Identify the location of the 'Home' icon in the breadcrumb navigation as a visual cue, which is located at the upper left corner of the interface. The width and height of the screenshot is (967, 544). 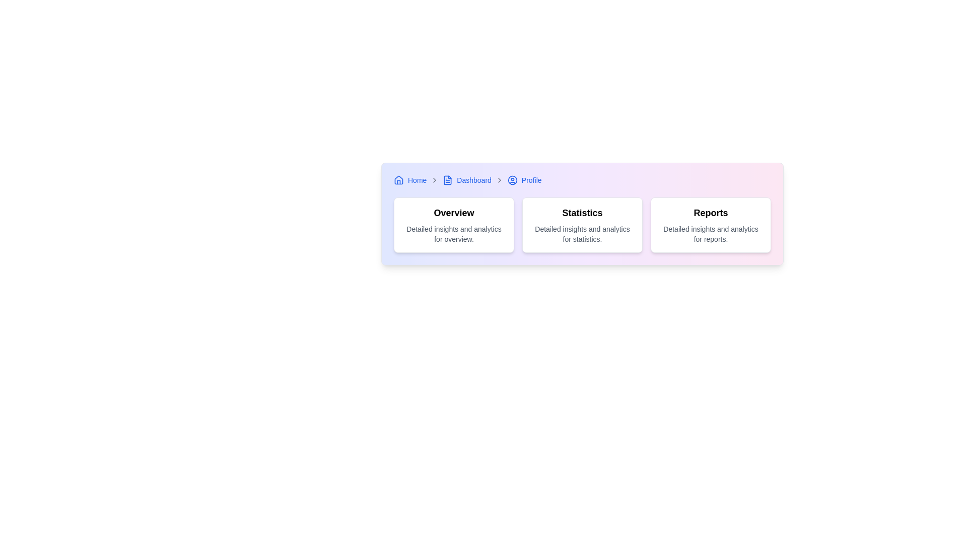
(398, 180).